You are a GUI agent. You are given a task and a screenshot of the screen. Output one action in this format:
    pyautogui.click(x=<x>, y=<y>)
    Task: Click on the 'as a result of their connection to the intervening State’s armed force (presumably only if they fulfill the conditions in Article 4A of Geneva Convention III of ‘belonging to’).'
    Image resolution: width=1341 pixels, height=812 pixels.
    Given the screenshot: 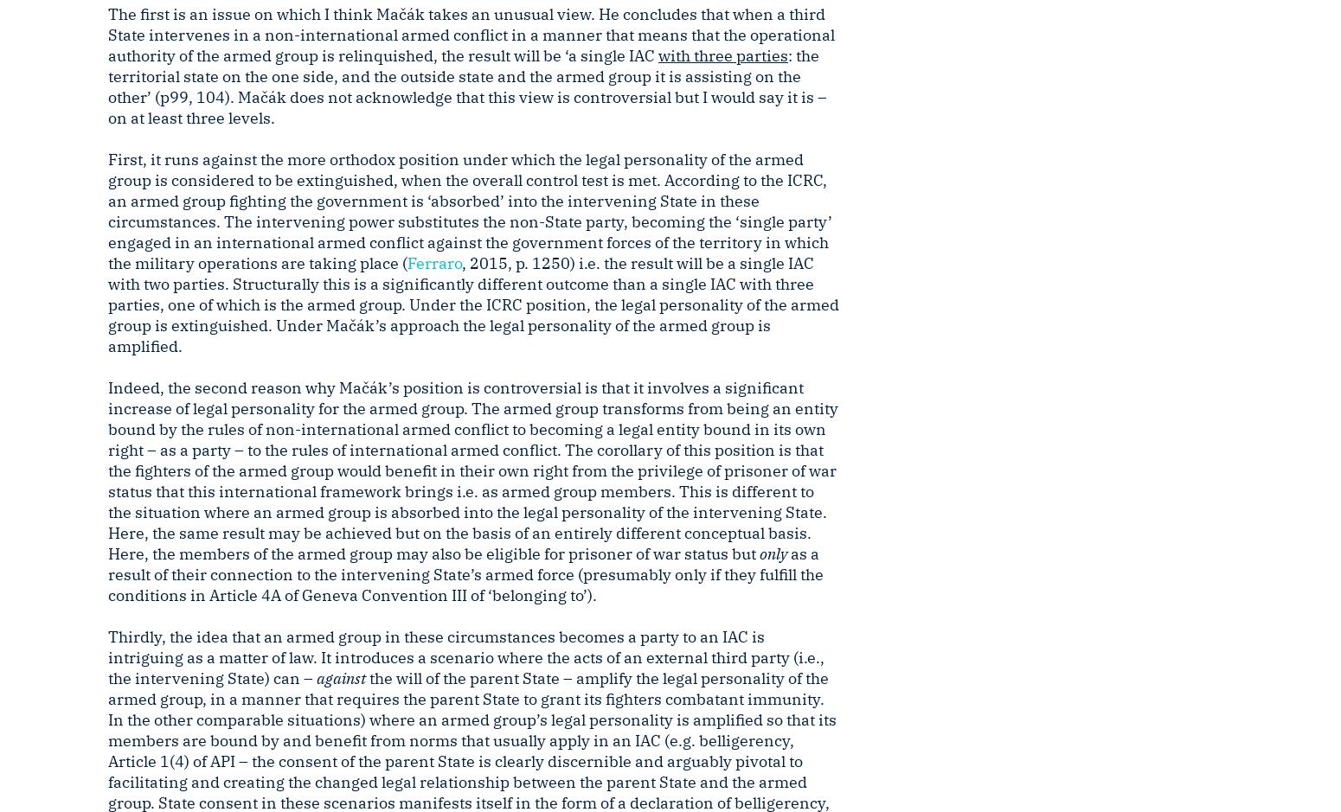 What is the action you would take?
    pyautogui.click(x=465, y=574)
    